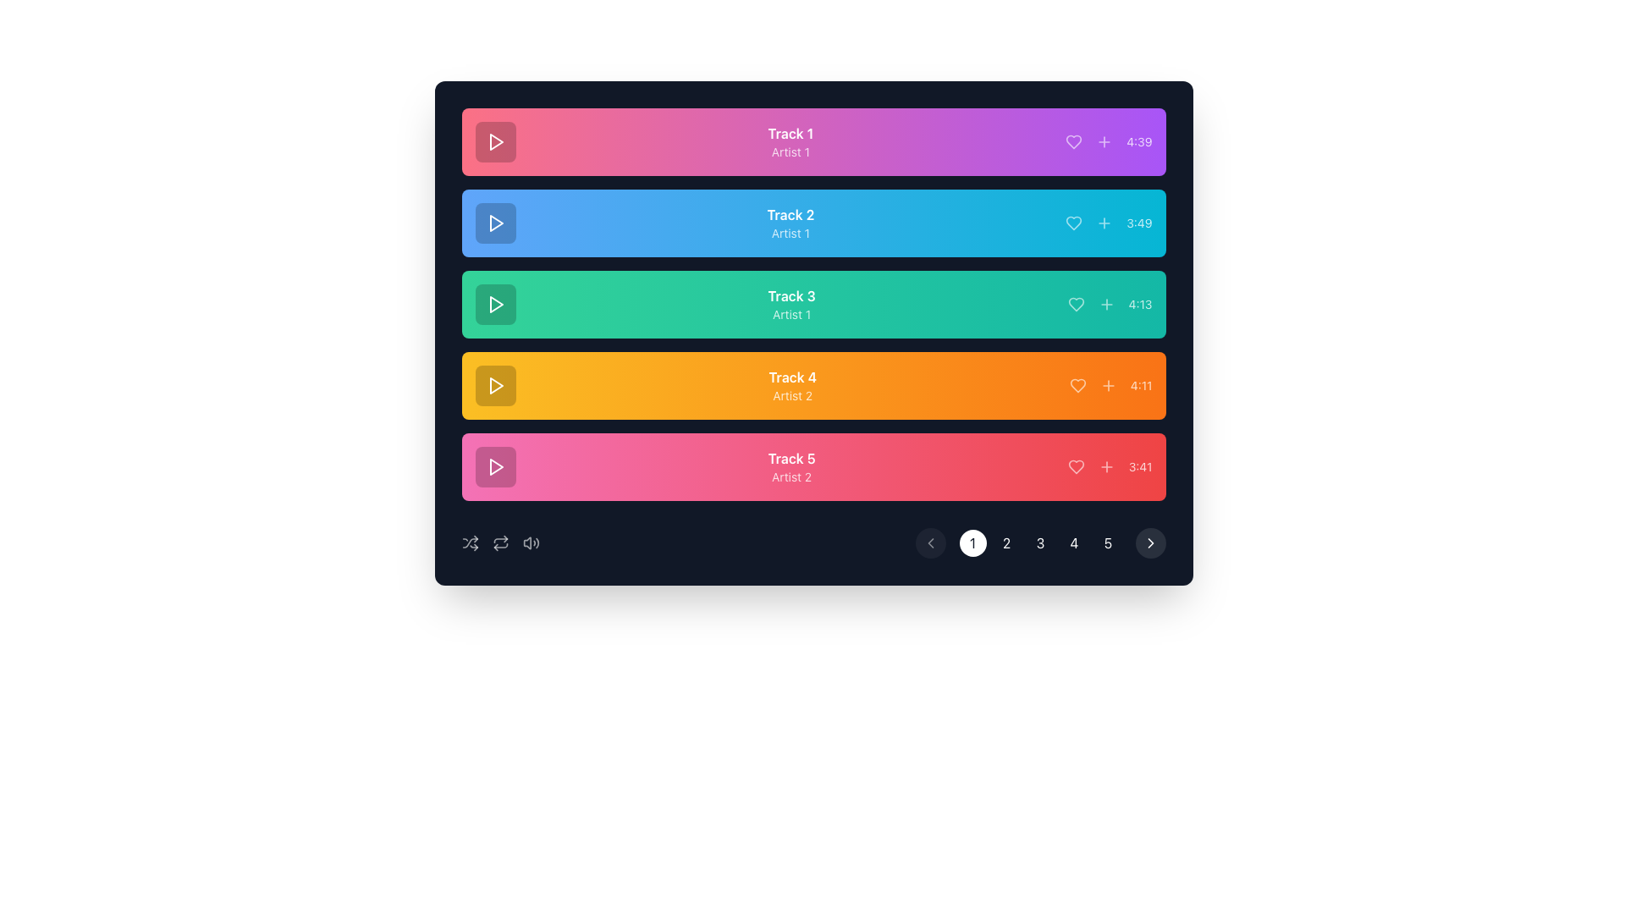 Image resolution: width=1625 pixels, height=914 pixels. Describe the element at coordinates (494, 222) in the screenshot. I see `the play button located in the second row of the track list with a blue background to initiate playback` at that location.